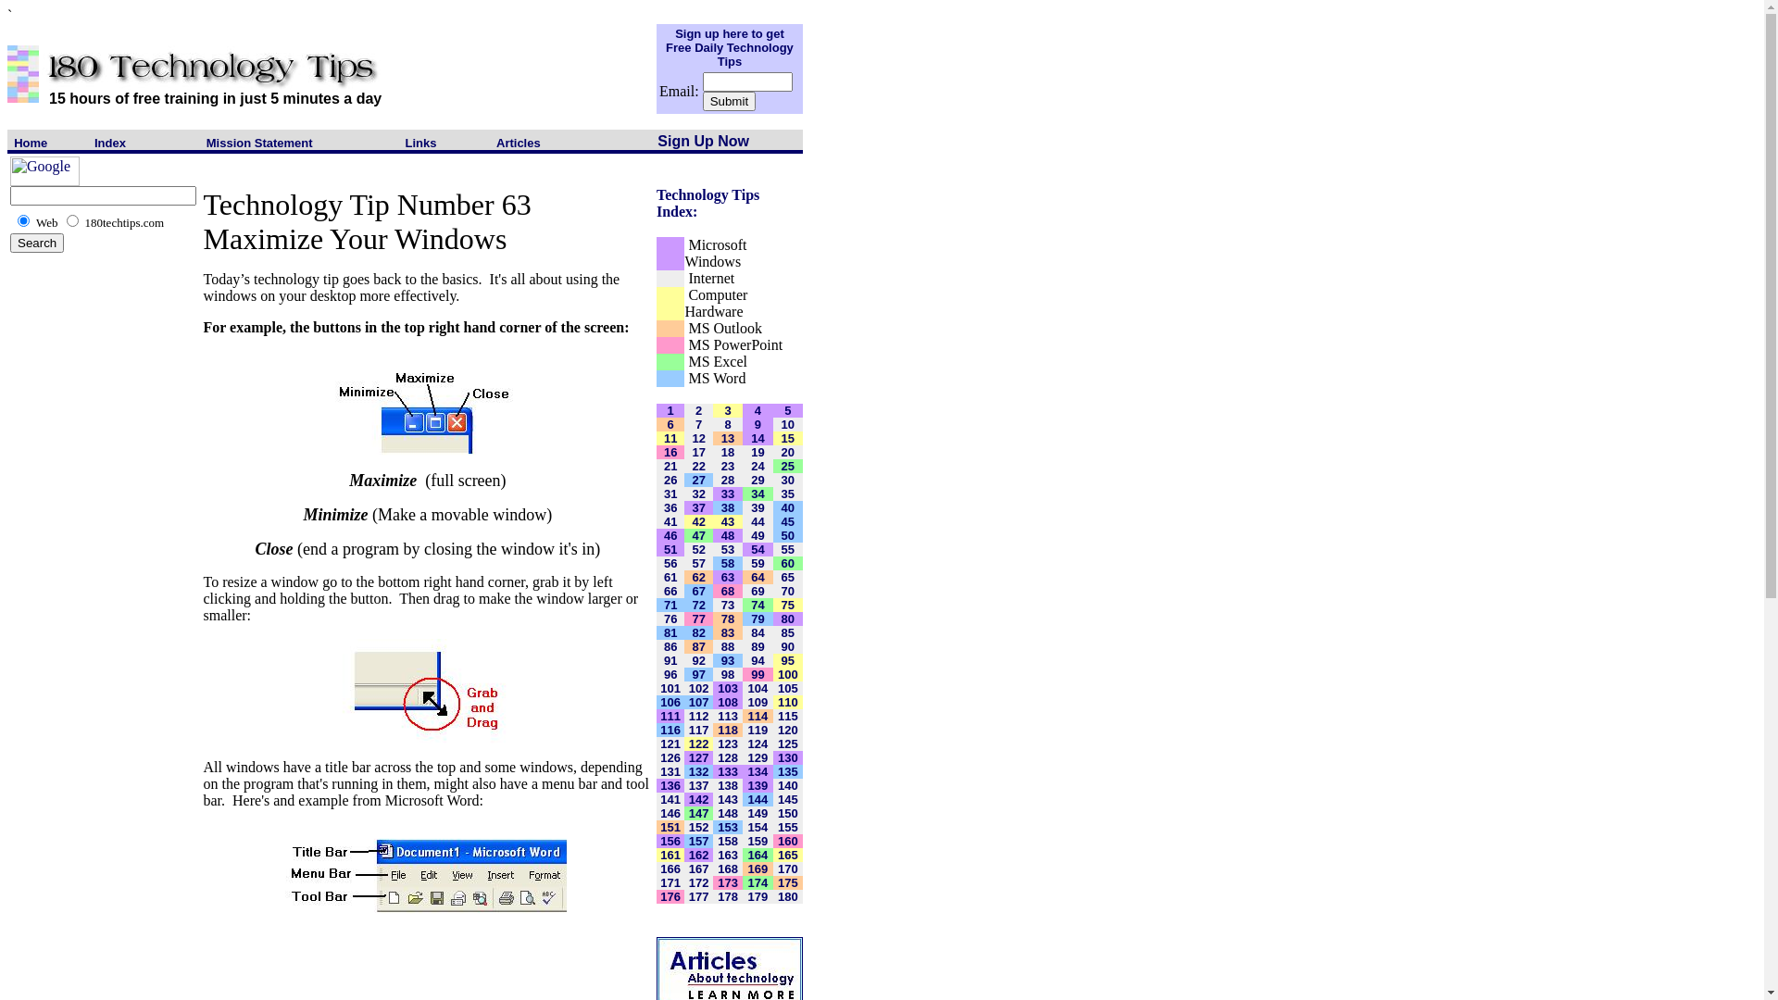 This screenshot has height=1000, width=1778. I want to click on '44', so click(757, 521).